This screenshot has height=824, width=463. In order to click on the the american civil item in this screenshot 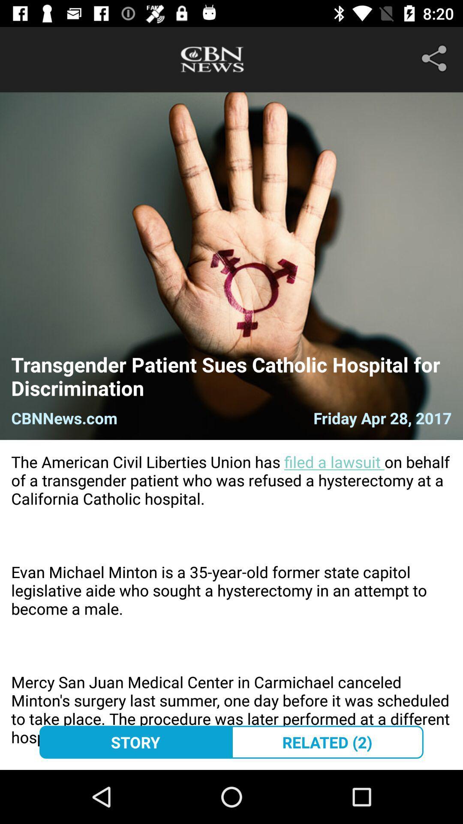, I will do `click(231, 604)`.